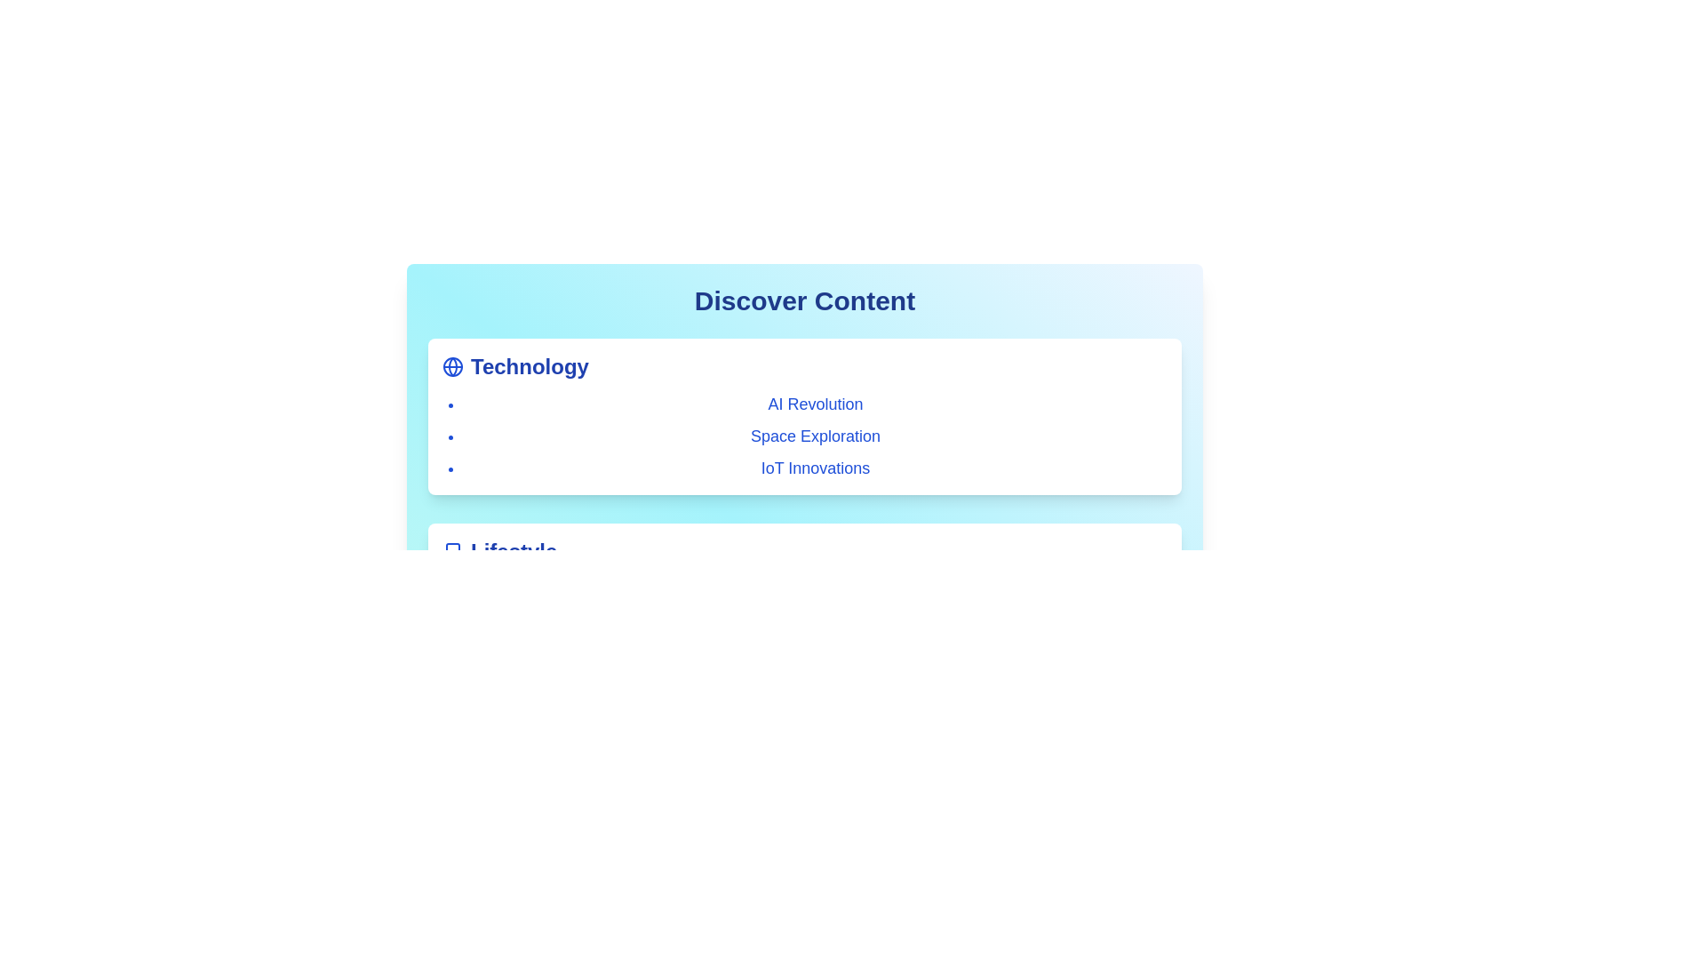 This screenshot has height=960, width=1706. I want to click on the category or item Technology to view its hover effect, so click(452, 365).